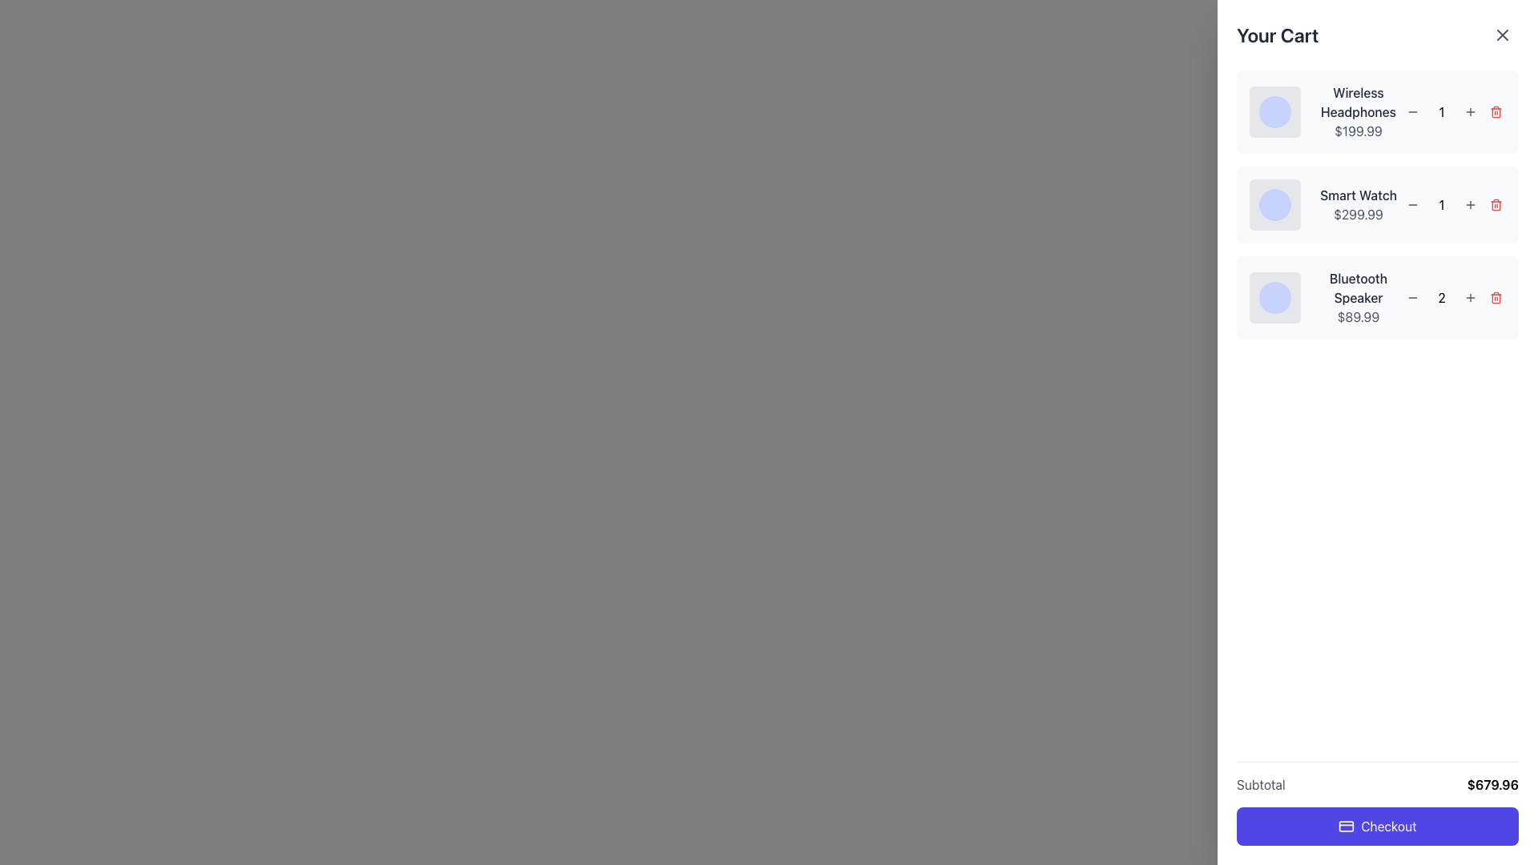 This screenshot has width=1538, height=865. I want to click on the text display element that shows 'Wireless Headphones' and the price '$199.99', which is the first item in the cart list, so click(1357, 111).